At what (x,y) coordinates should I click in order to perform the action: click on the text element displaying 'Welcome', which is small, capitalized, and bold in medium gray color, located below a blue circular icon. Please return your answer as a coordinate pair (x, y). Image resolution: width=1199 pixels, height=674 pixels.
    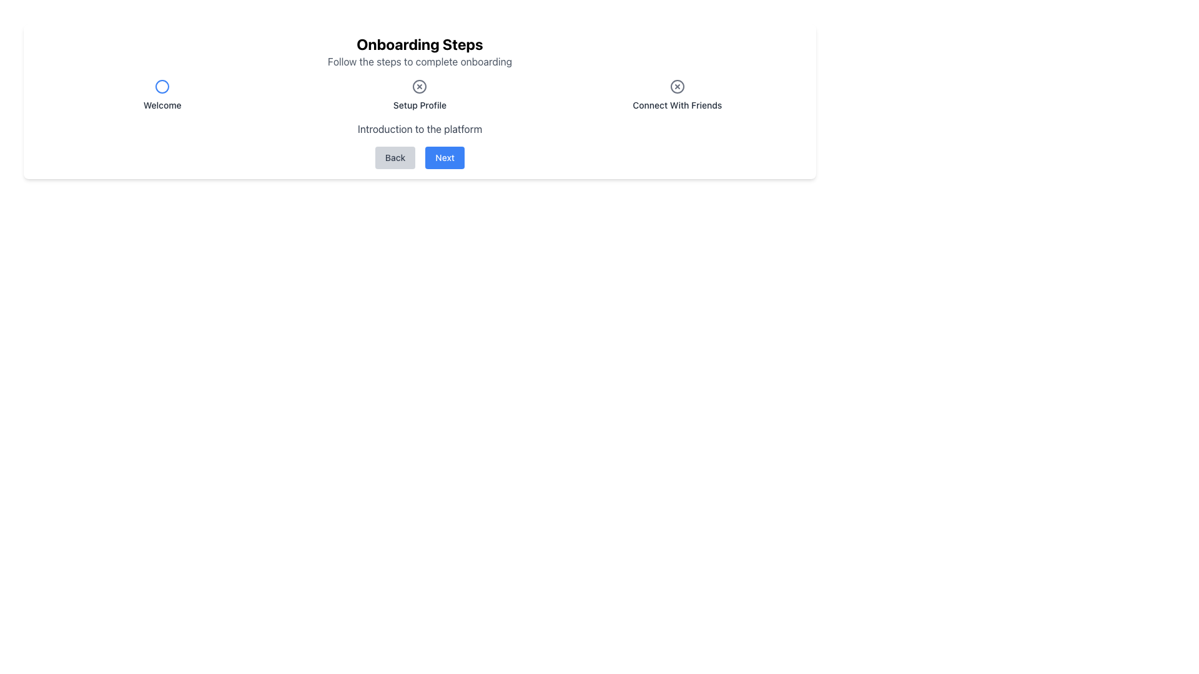
    Looking at the image, I should click on (162, 105).